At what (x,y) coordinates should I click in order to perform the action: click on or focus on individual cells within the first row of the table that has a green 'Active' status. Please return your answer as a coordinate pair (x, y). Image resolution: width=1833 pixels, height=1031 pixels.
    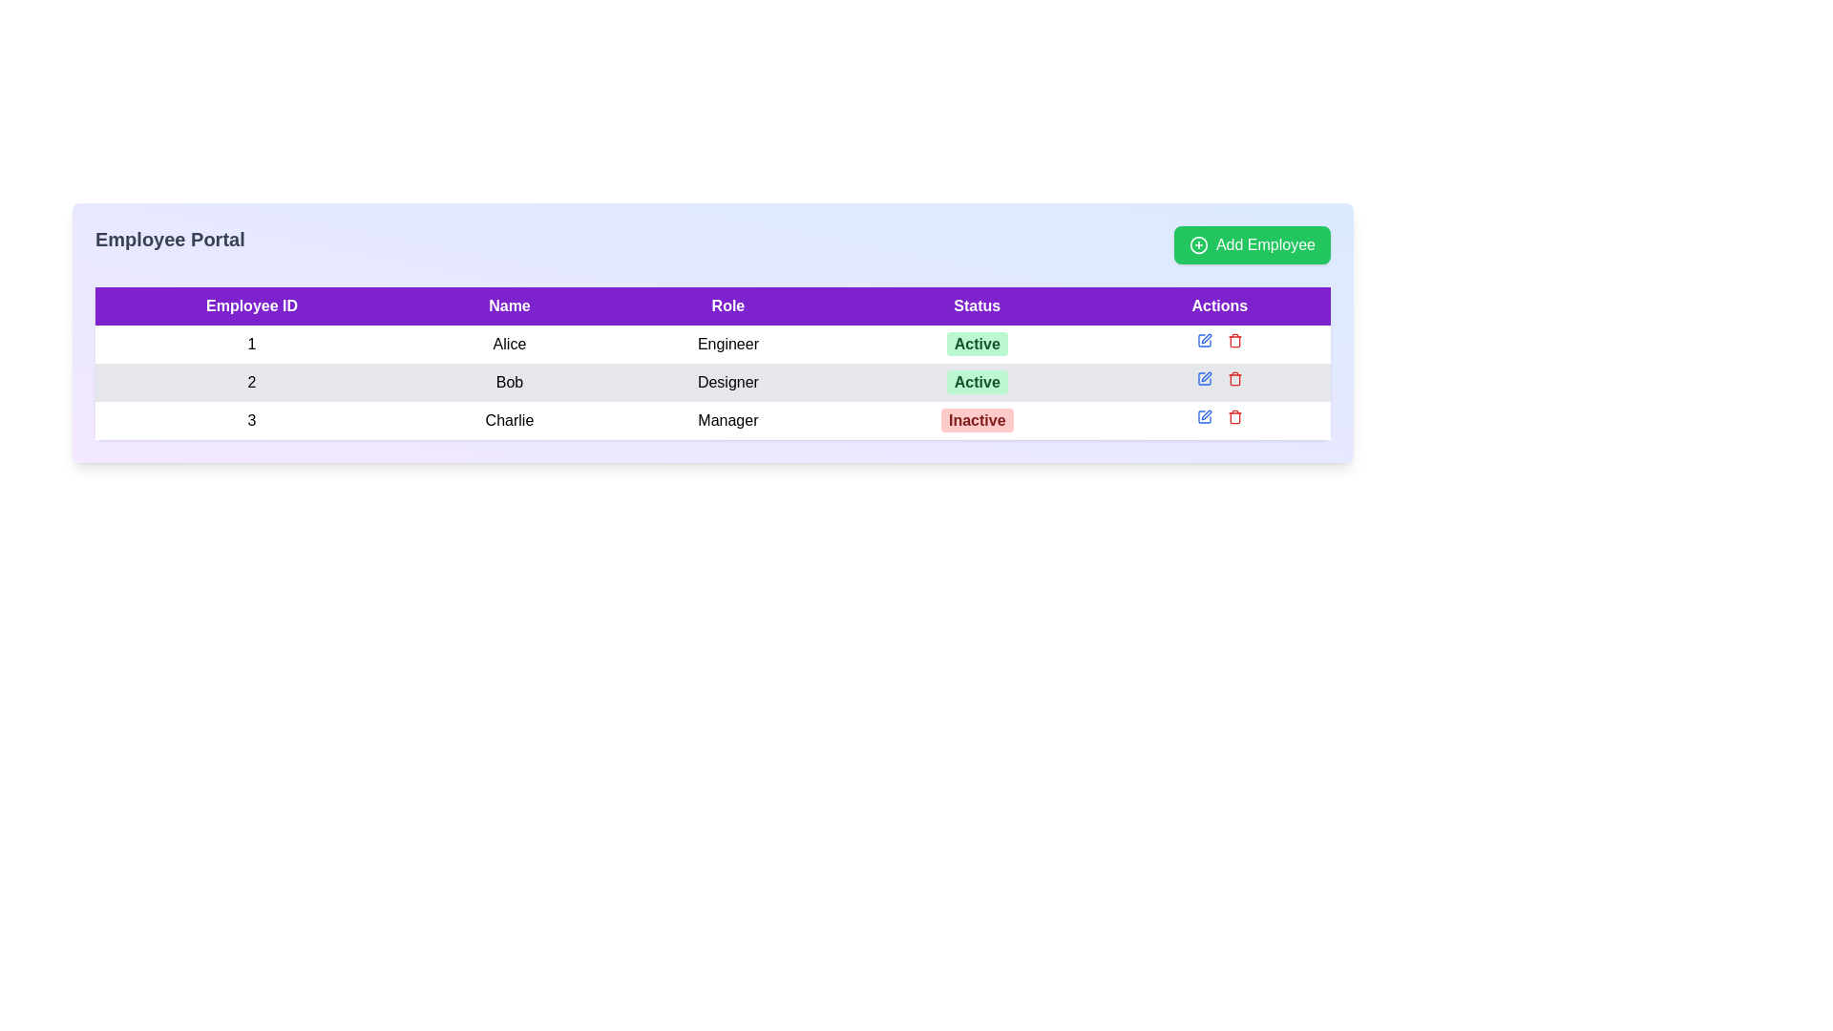
    Looking at the image, I should click on (712, 345).